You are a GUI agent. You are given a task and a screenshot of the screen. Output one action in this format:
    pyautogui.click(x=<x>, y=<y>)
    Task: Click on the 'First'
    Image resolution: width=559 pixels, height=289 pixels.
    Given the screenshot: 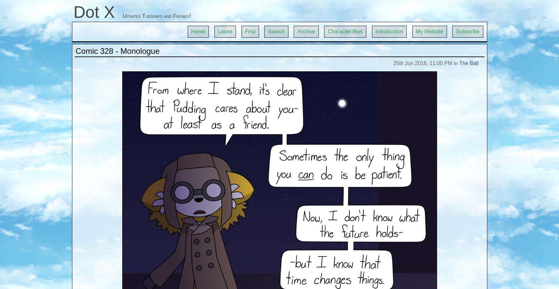 What is the action you would take?
    pyautogui.click(x=244, y=31)
    